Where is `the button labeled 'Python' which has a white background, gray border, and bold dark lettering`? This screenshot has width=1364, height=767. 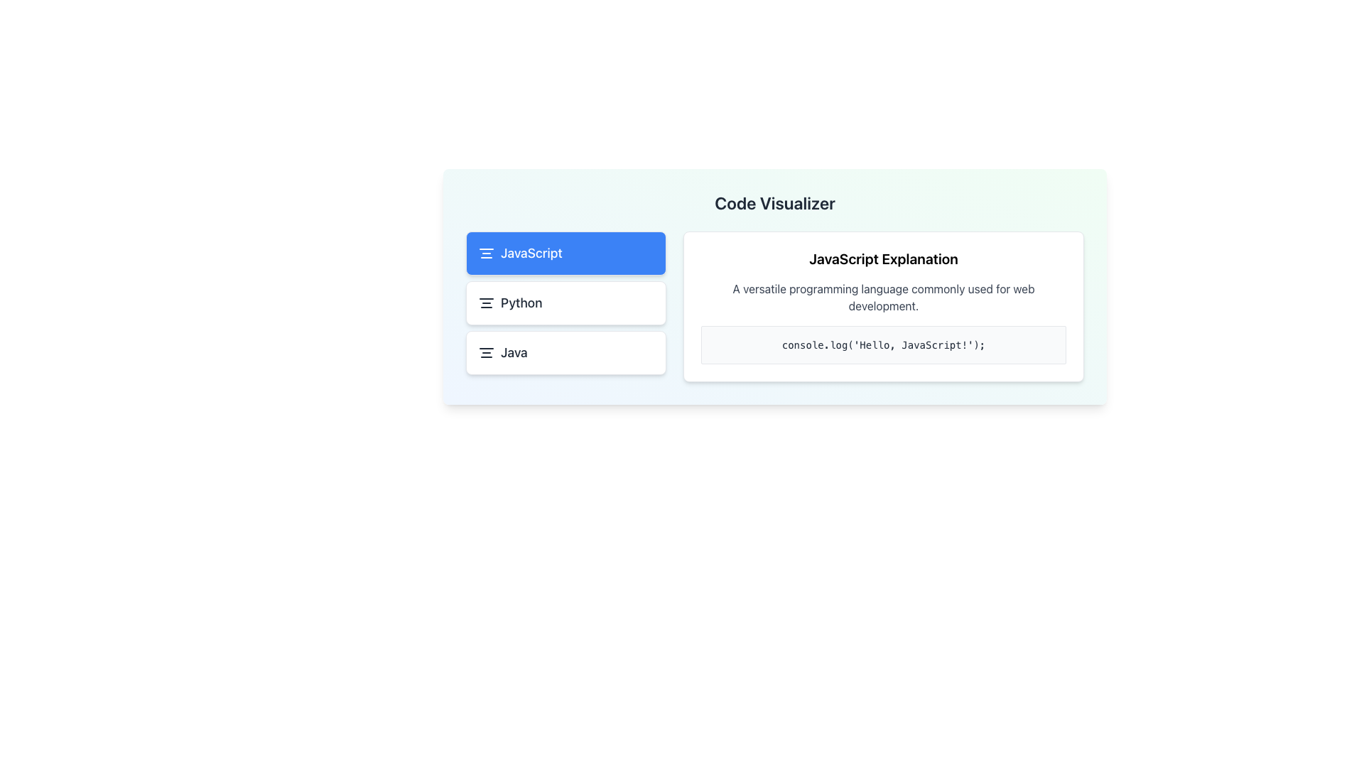 the button labeled 'Python' which has a white background, gray border, and bold dark lettering is located at coordinates (565, 306).